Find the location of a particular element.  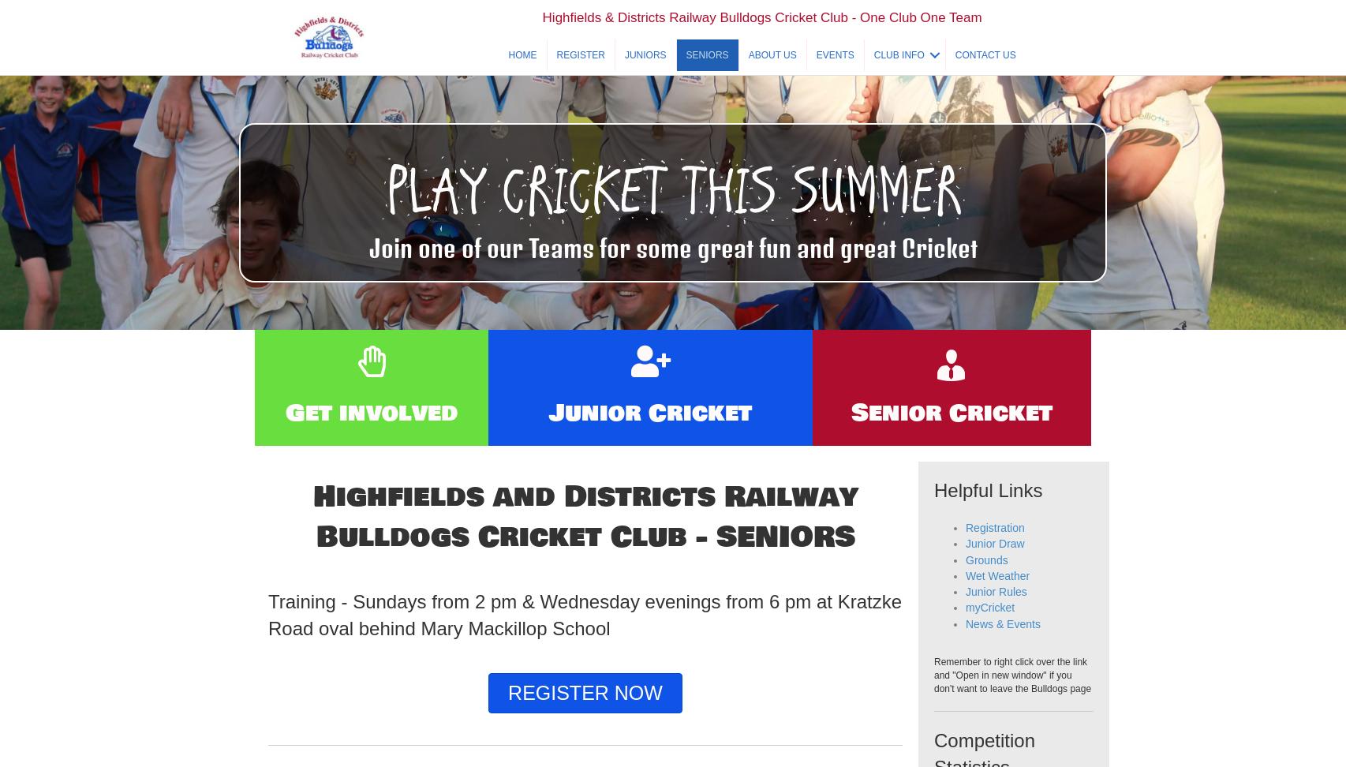

'Join one of our Teams for some great fun and great Cricket' is located at coordinates (671, 279).